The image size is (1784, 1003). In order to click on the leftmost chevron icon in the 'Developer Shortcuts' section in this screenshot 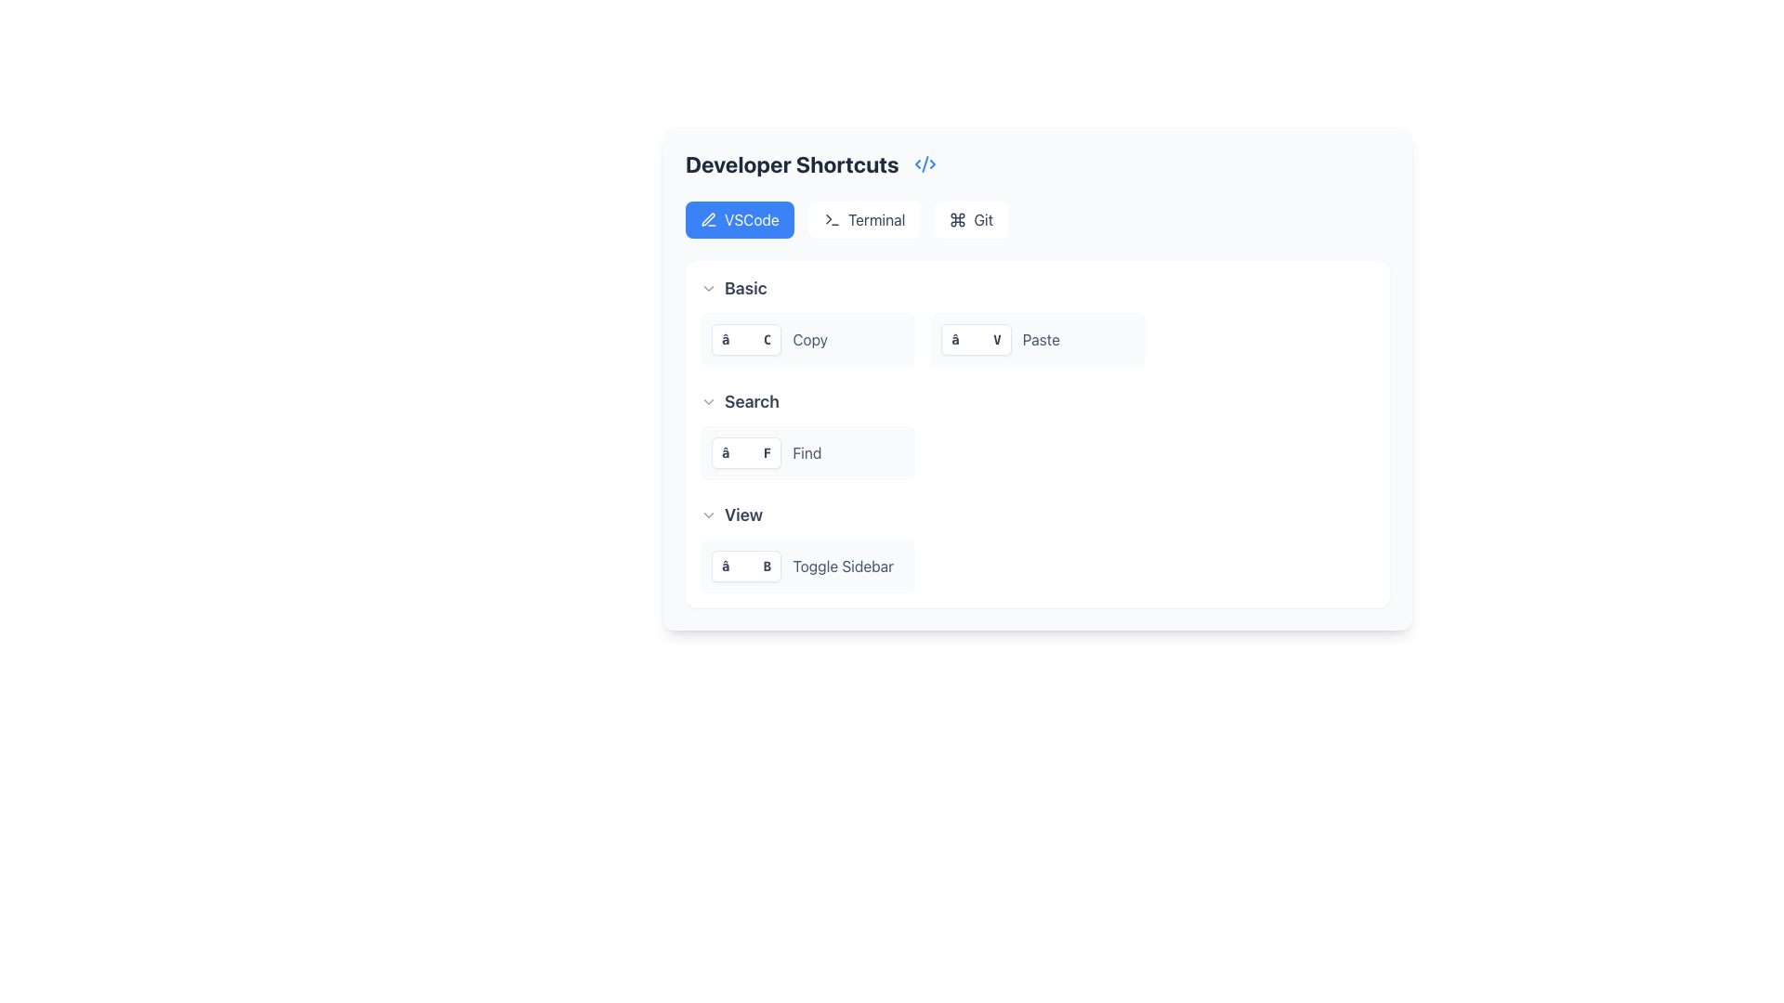, I will do `click(708, 289)`.